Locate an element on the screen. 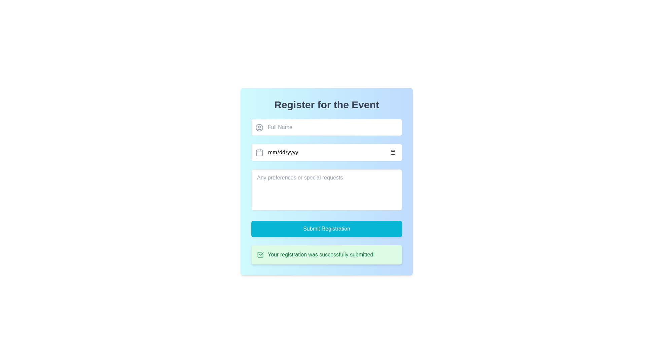  the calendar icon located on the left side of the date input field, which has a minimalistic design with a square outline and gray coloring is located at coordinates (259, 153).